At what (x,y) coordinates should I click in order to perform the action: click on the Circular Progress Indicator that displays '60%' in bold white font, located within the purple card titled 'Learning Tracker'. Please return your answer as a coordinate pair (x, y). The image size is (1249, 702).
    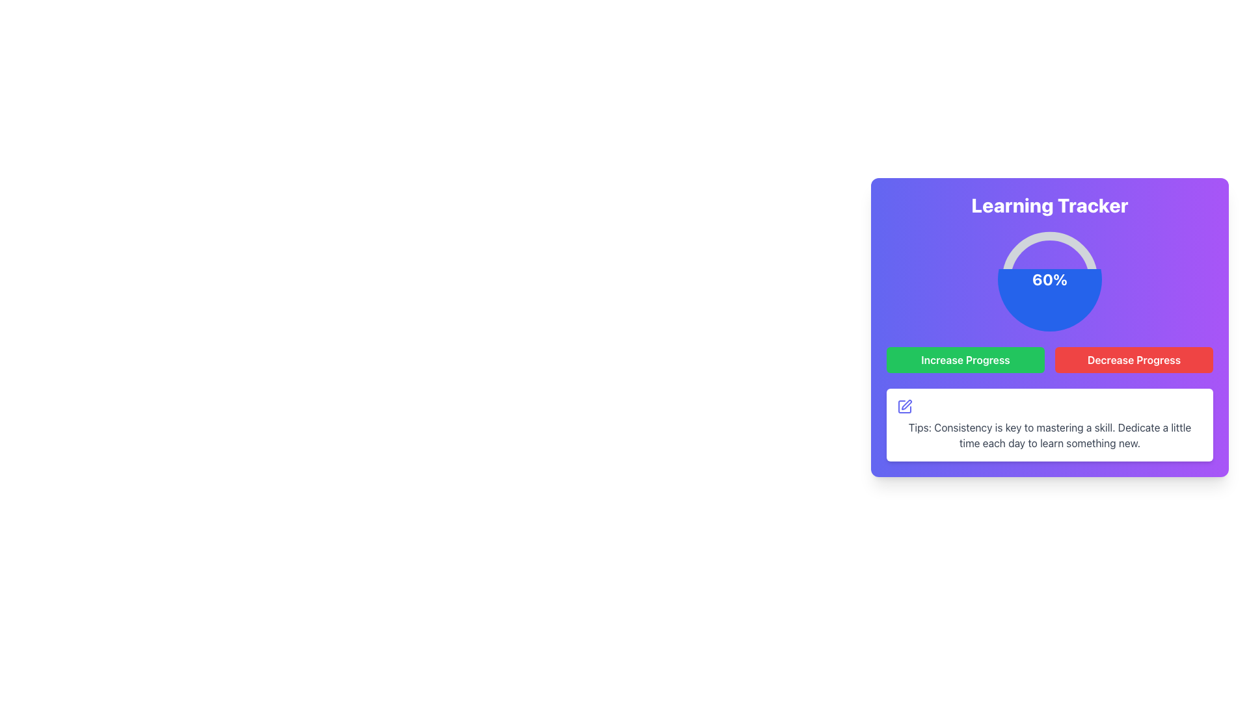
    Looking at the image, I should click on (1049, 278).